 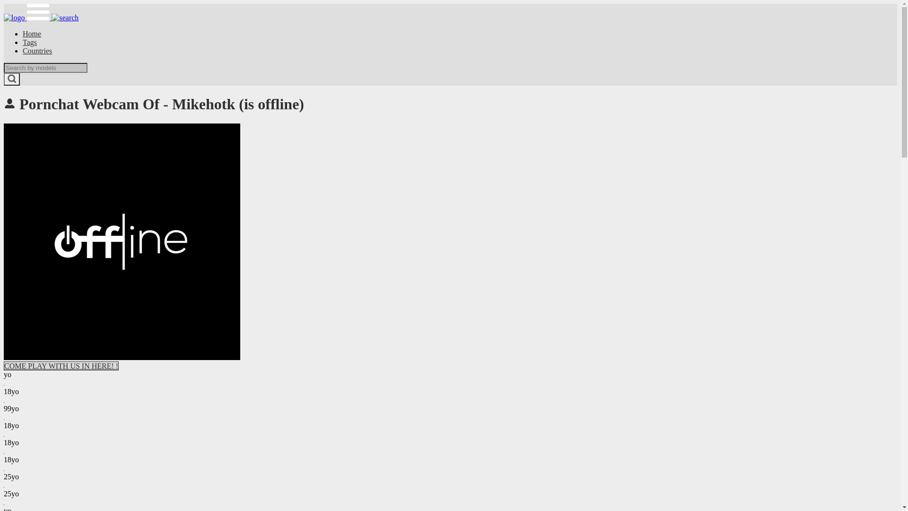 What do you see at coordinates (61, 365) in the screenshot?
I see `'COME PLAY WITH US IN HERE! !'` at bounding box center [61, 365].